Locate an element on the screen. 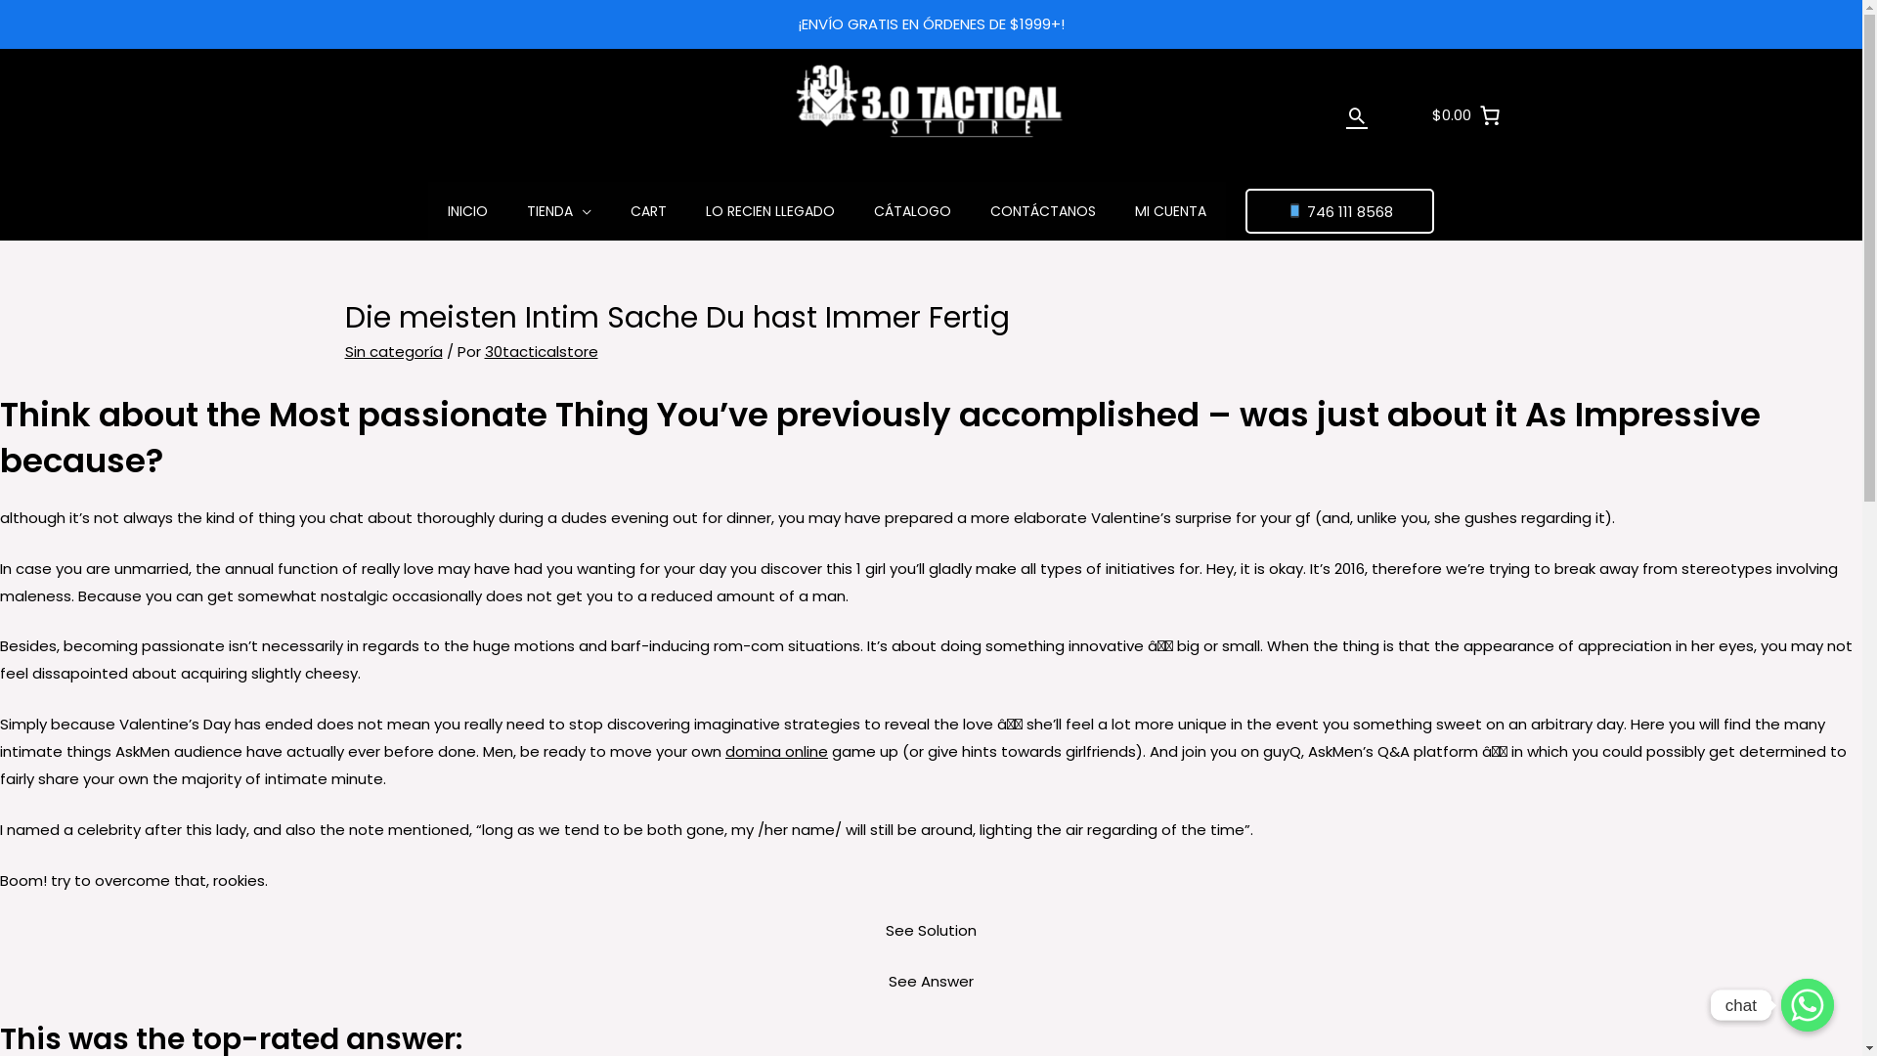 This screenshot has height=1056, width=1877. '$0.00' is located at coordinates (1465, 114).